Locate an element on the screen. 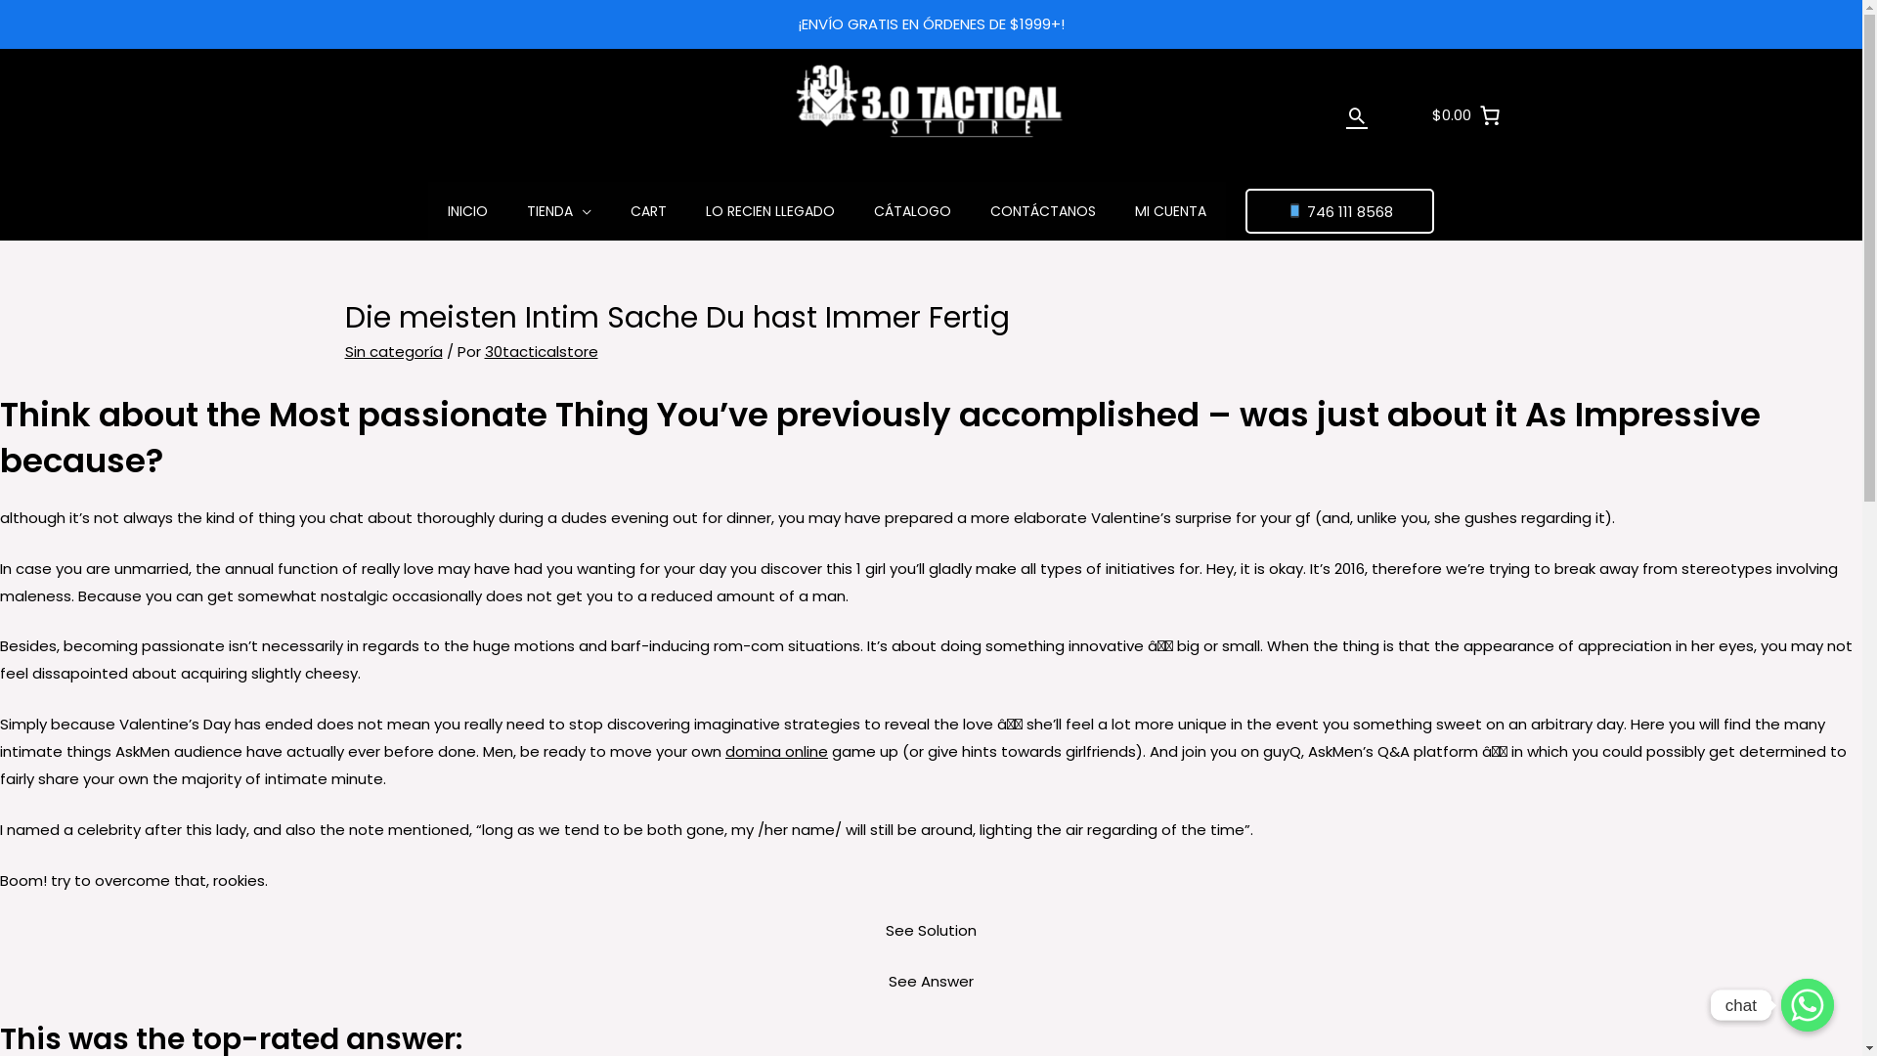 This screenshot has height=1056, width=1877. '$0.00' is located at coordinates (1465, 114).